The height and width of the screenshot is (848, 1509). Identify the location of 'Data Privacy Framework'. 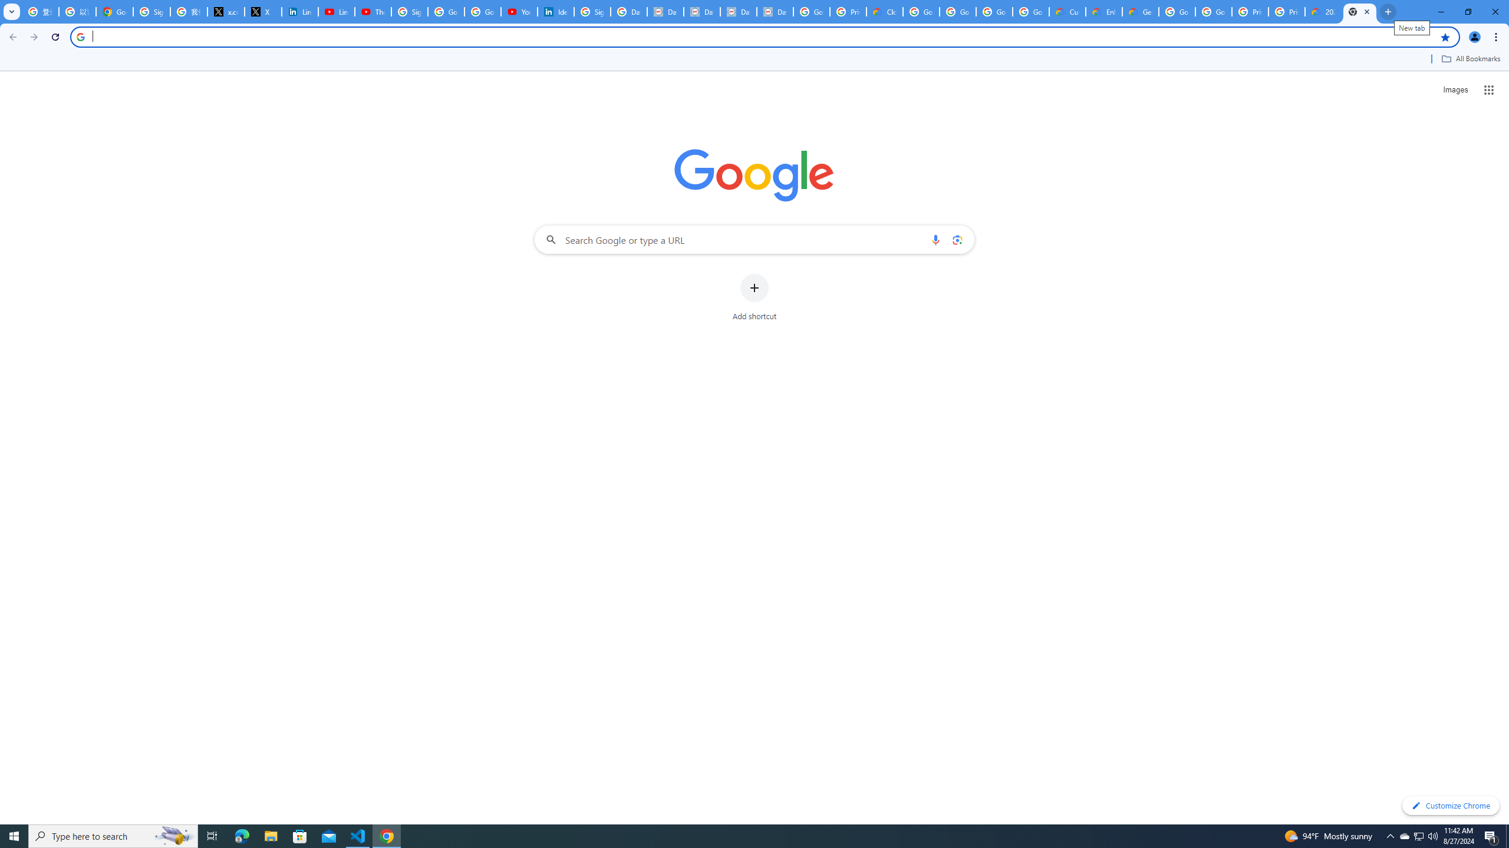
(701, 11).